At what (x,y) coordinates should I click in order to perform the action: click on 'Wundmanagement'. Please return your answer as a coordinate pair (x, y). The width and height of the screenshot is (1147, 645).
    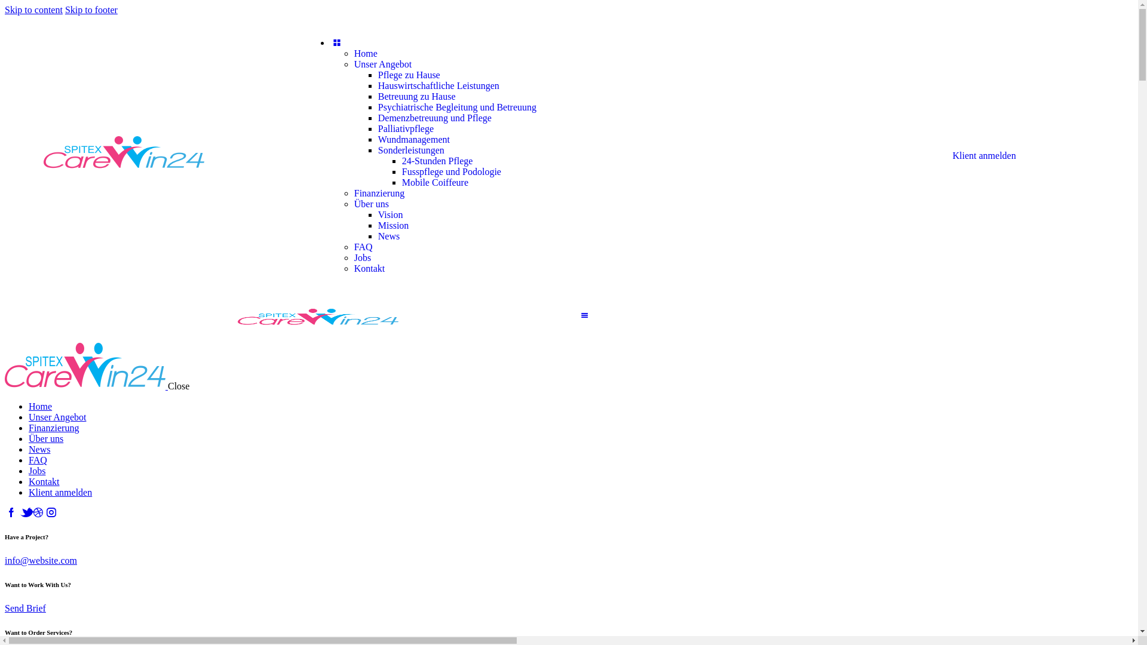
    Looking at the image, I should click on (413, 139).